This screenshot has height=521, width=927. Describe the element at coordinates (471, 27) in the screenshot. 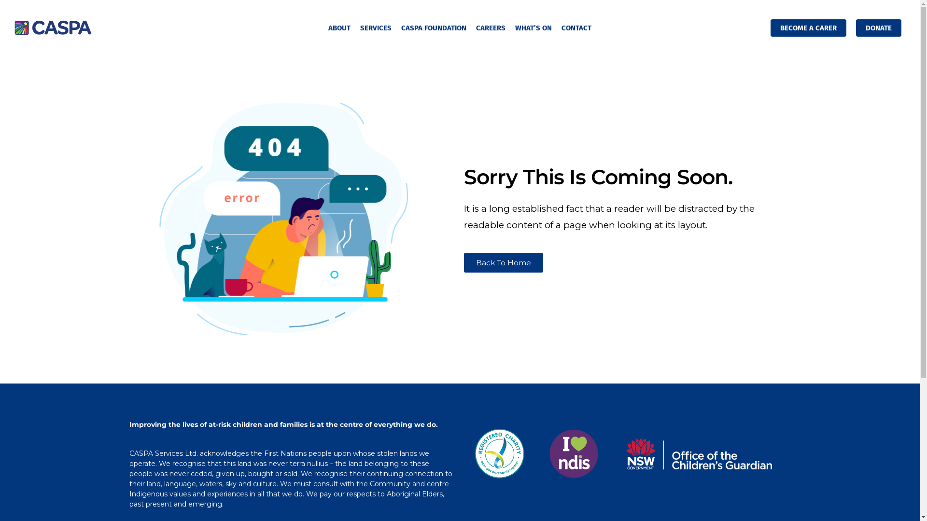

I see `'CAREERS'` at that location.